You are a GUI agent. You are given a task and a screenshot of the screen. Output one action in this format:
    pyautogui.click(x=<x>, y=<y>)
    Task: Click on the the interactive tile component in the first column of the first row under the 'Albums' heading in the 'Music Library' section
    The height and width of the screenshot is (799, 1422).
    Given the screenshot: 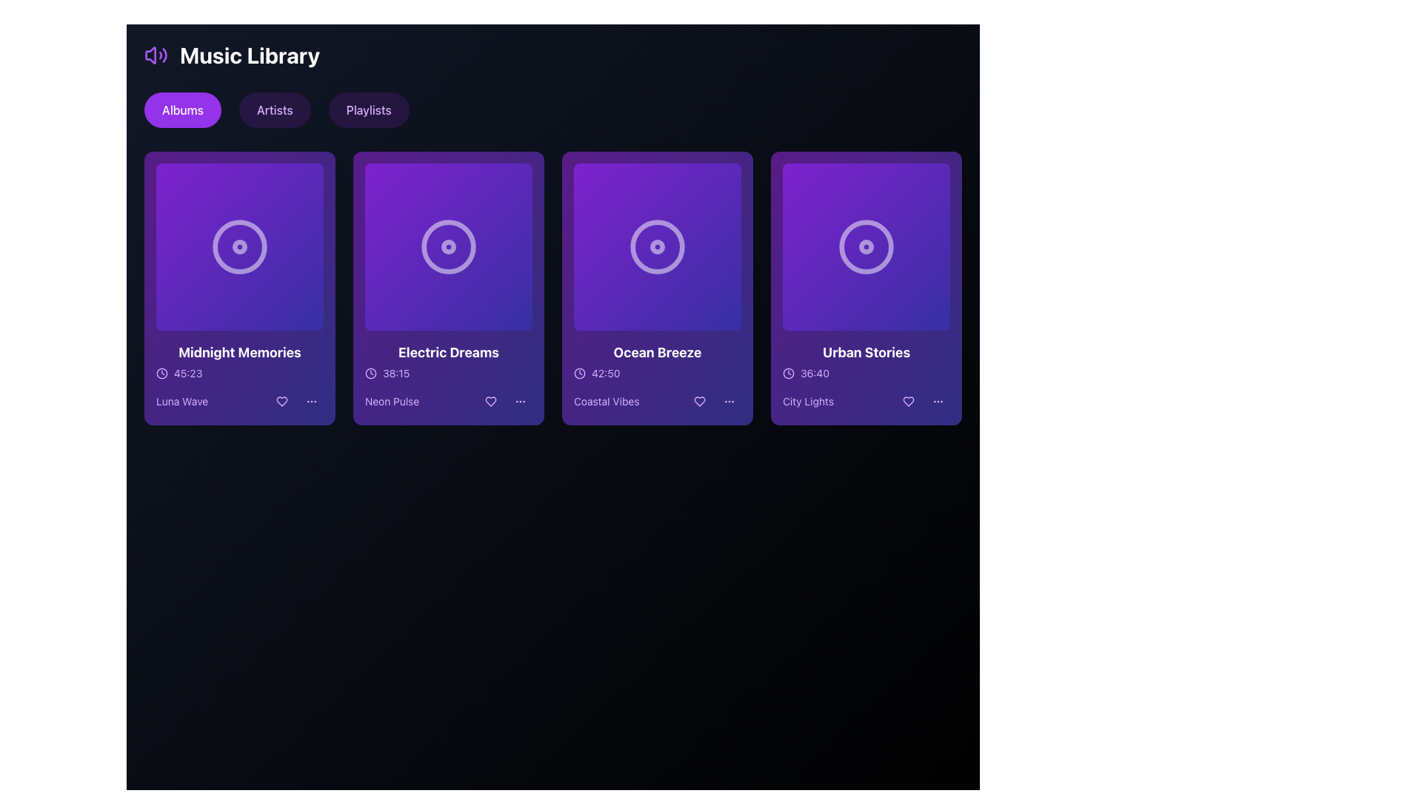 What is the action you would take?
    pyautogui.click(x=240, y=246)
    